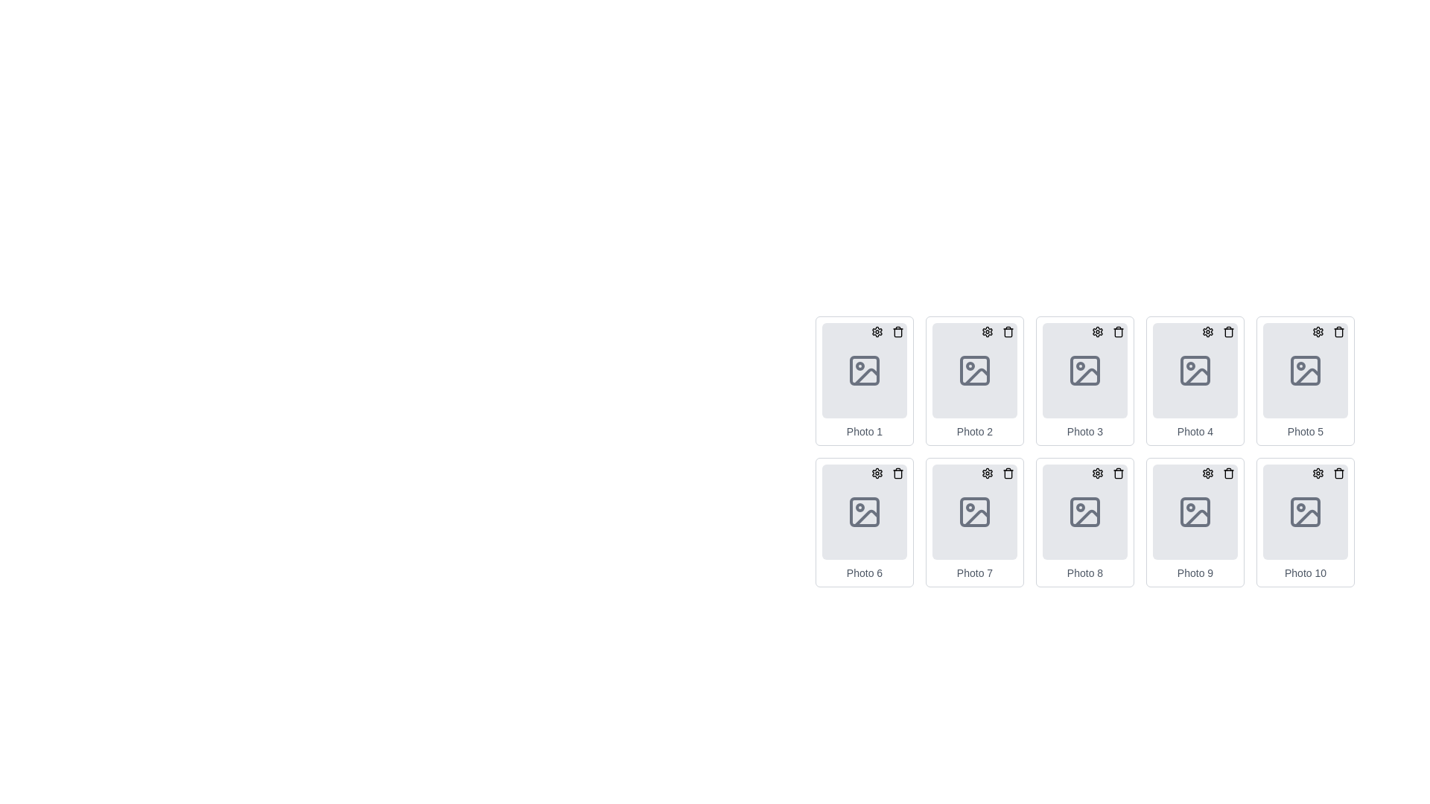 Image resolution: width=1430 pixels, height=804 pixels. I want to click on the image placeholder SVG icon located in the ninth position of the grid (second row, fourth column), so click(1195, 511).